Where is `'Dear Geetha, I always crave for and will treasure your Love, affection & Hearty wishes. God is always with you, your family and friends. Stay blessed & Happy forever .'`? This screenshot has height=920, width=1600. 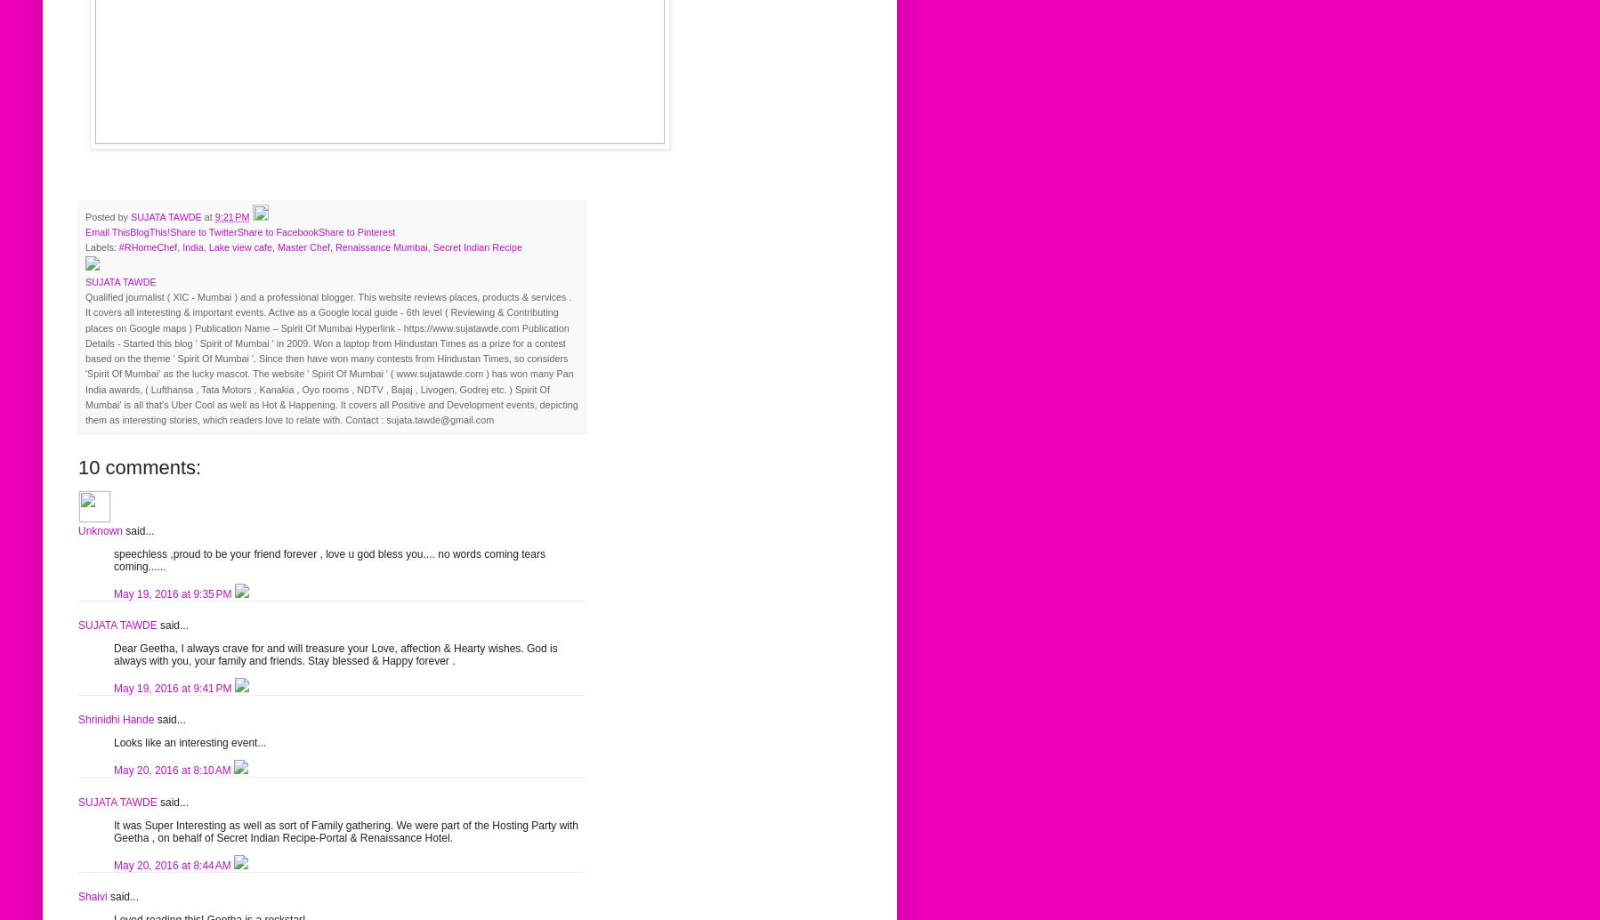 'Dear Geetha, I always crave for and will treasure your Love, affection & Hearty wishes. God is always with you, your family and friends. Stay blessed & Happy forever .' is located at coordinates (335, 653).